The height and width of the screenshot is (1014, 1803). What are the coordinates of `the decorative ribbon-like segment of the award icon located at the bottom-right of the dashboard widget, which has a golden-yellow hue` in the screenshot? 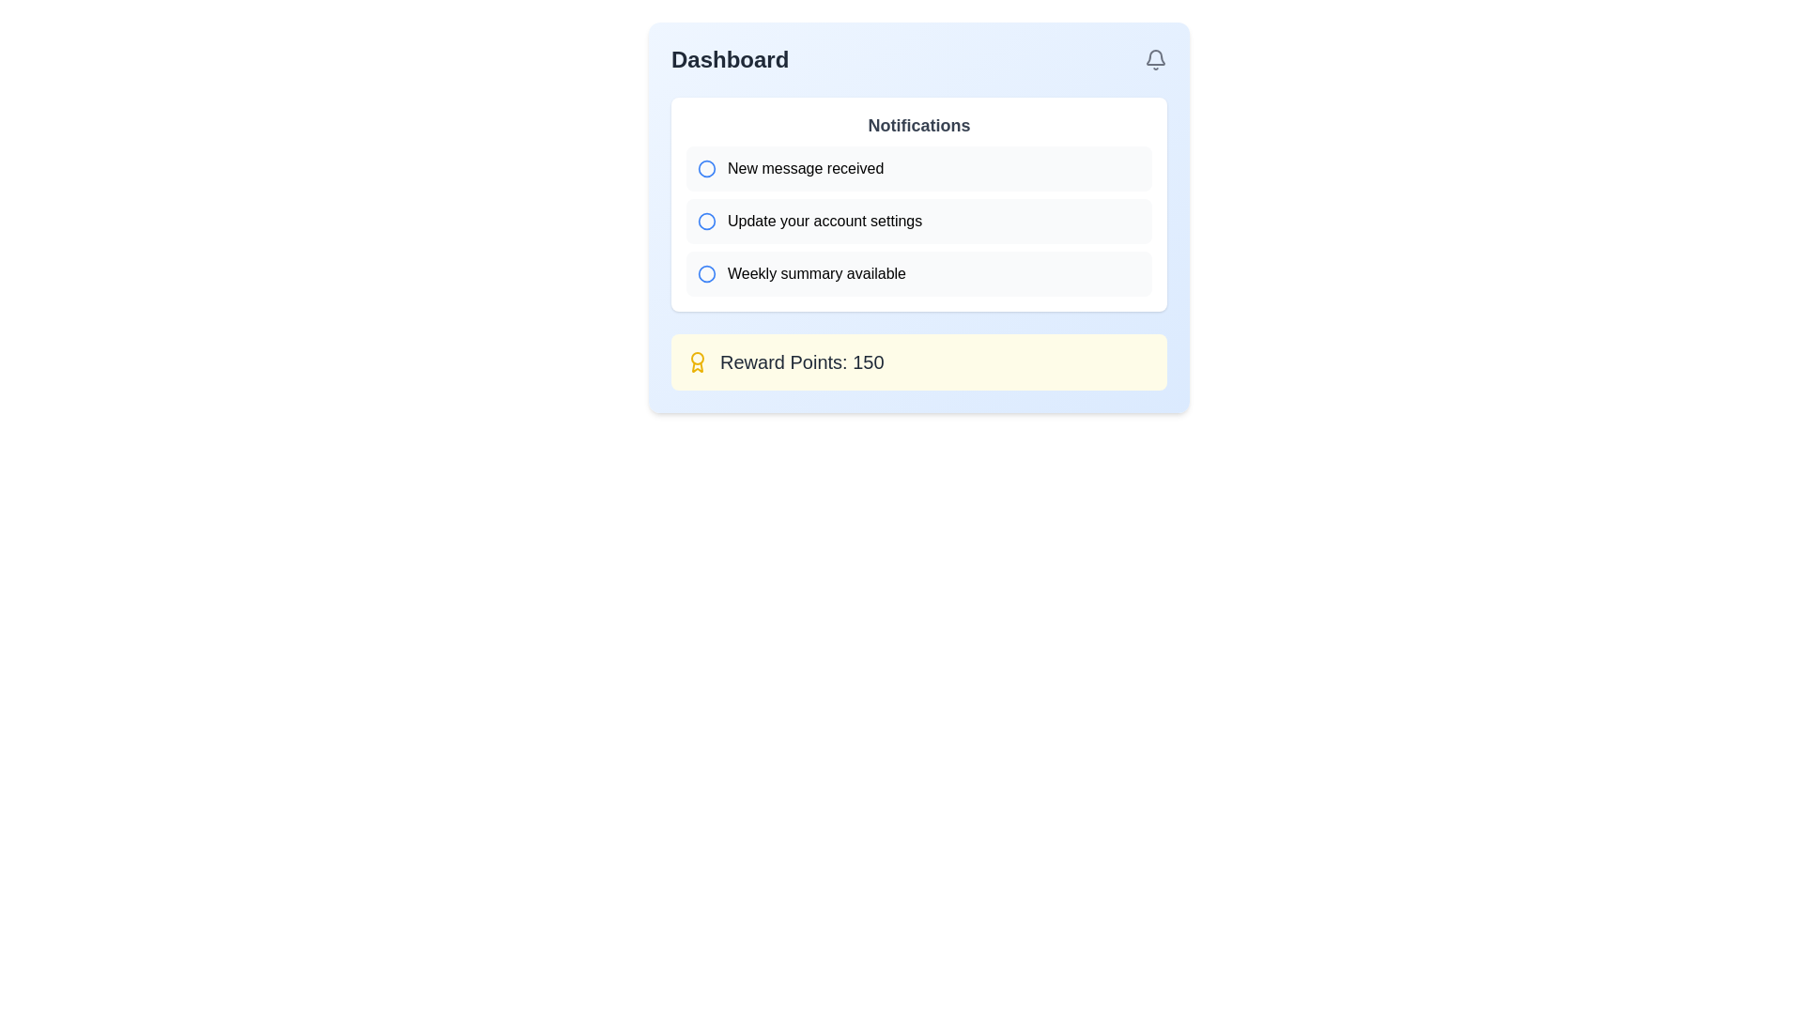 It's located at (697, 367).